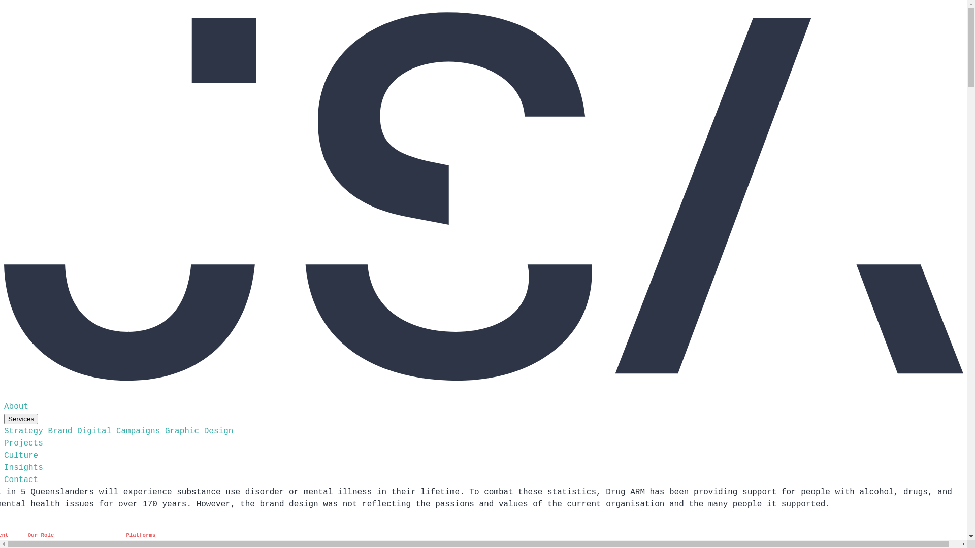  Describe the element at coordinates (59, 431) in the screenshot. I see `'Brand'` at that location.